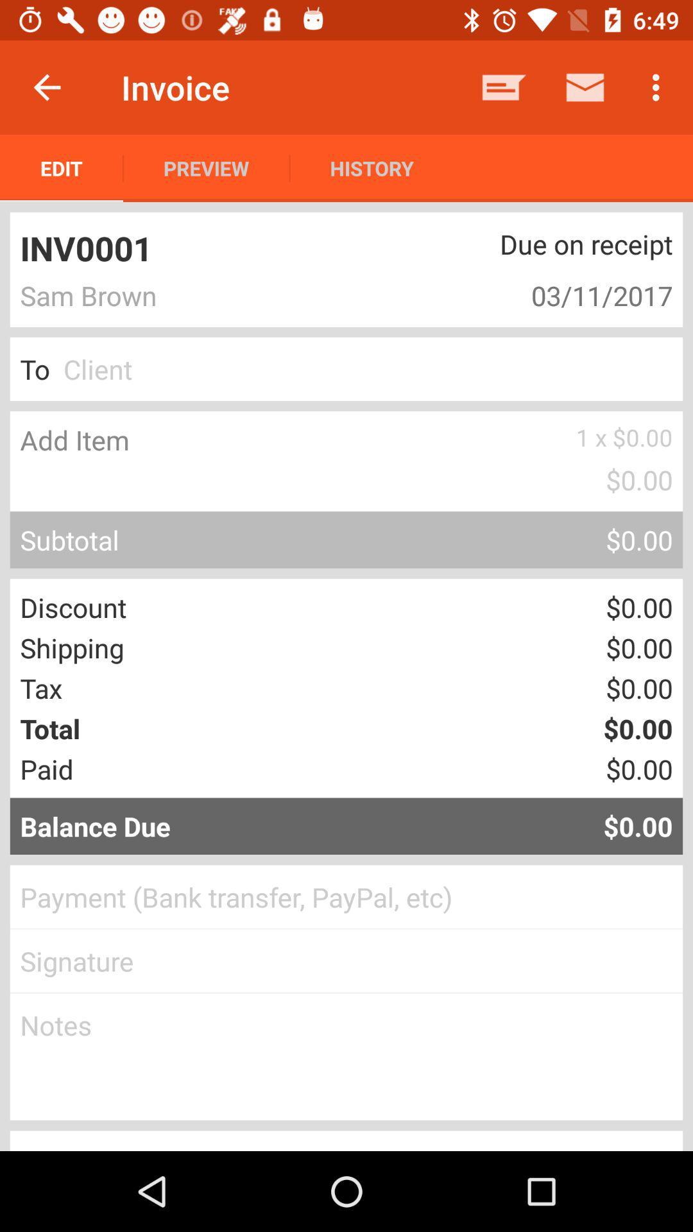 Image resolution: width=693 pixels, height=1232 pixels. Describe the element at coordinates (346, 1056) in the screenshot. I see `edit the notes field` at that location.